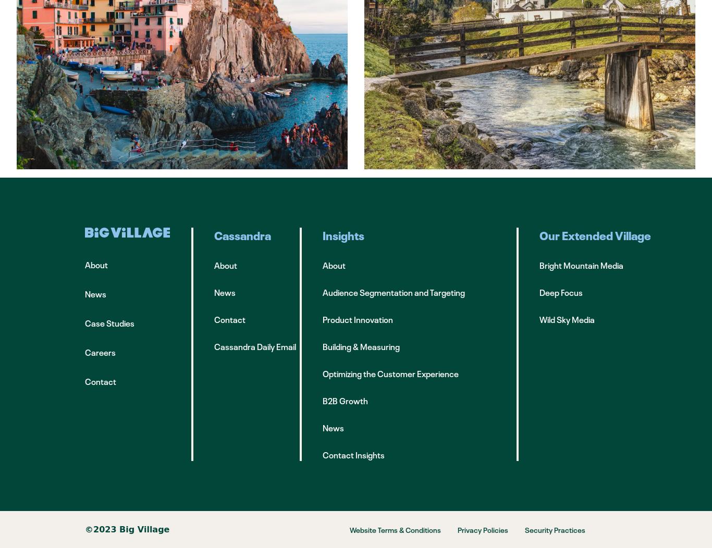  I want to click on 'B2B Growth', so click(345, 400).